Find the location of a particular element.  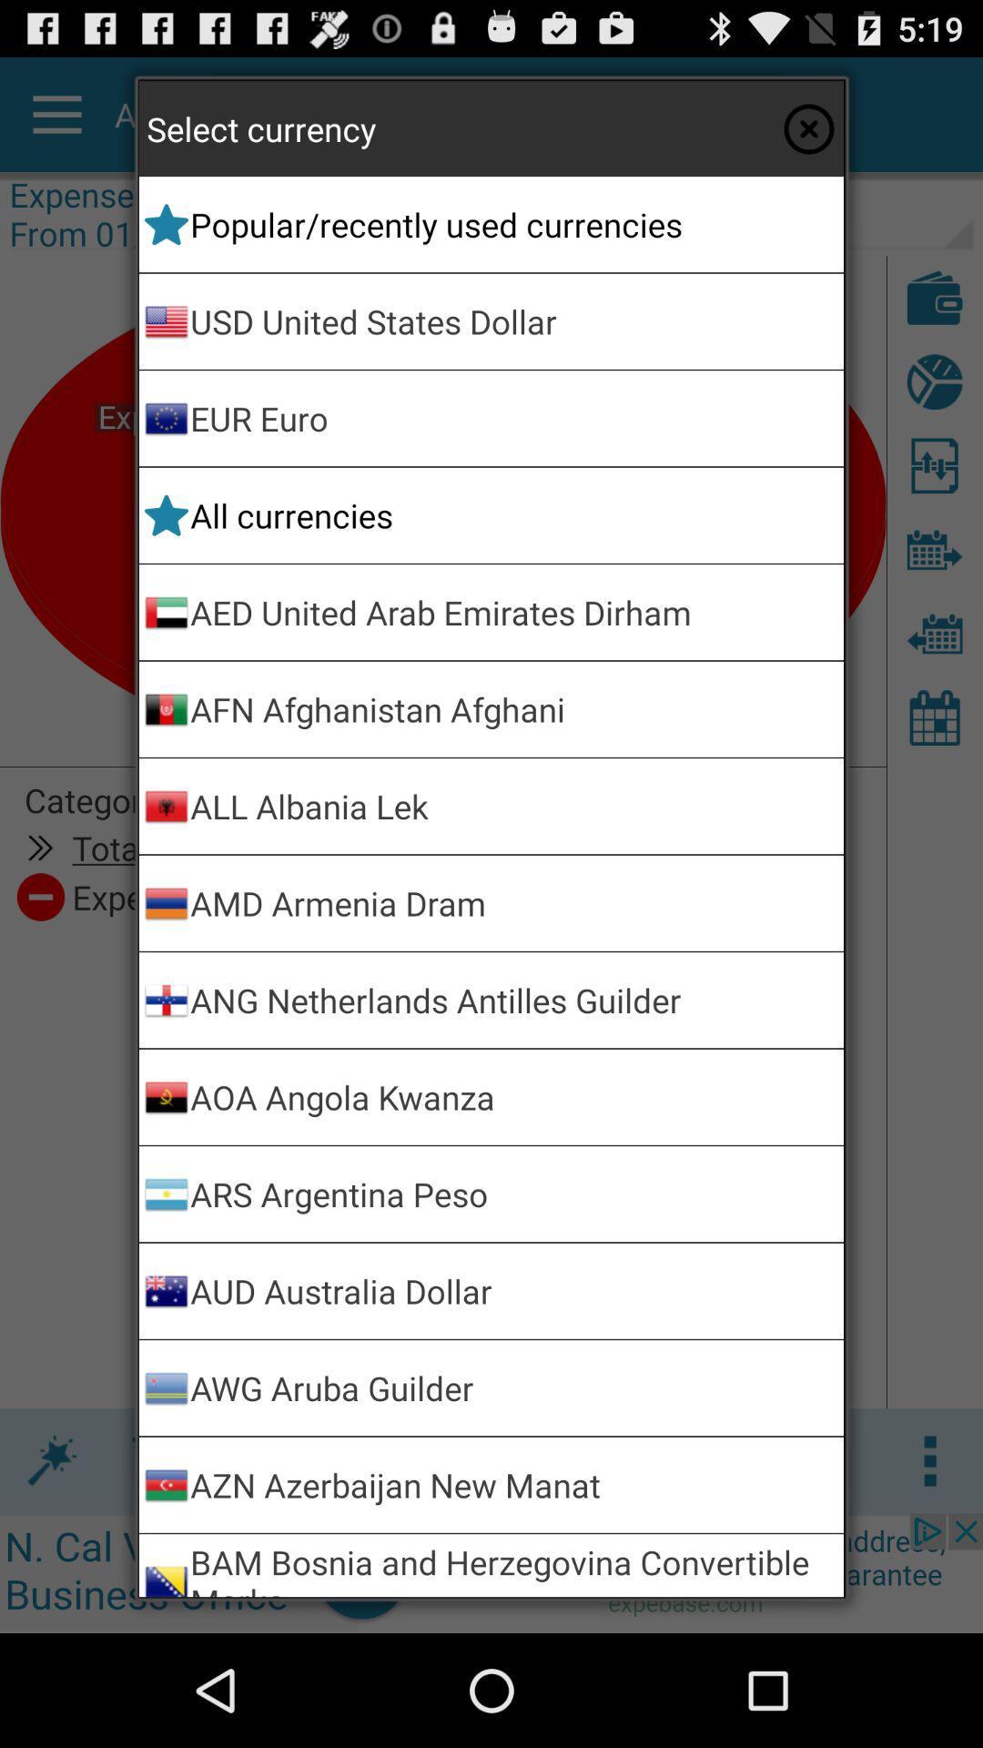

popular recently used item is located at coordinates (513, 223).